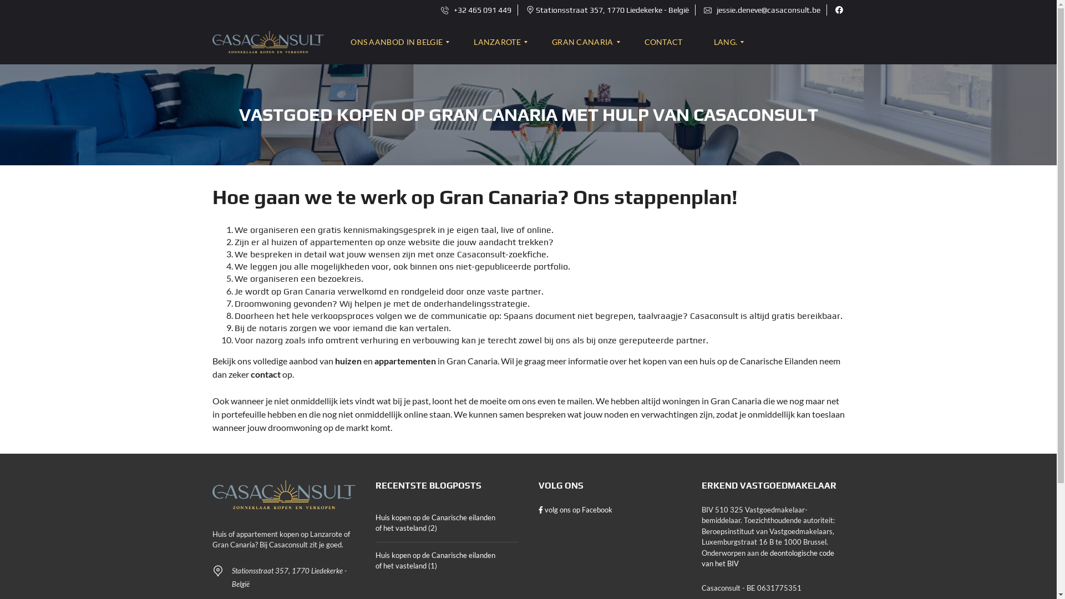  I want to click on 'appartementen', so click(404, 361).